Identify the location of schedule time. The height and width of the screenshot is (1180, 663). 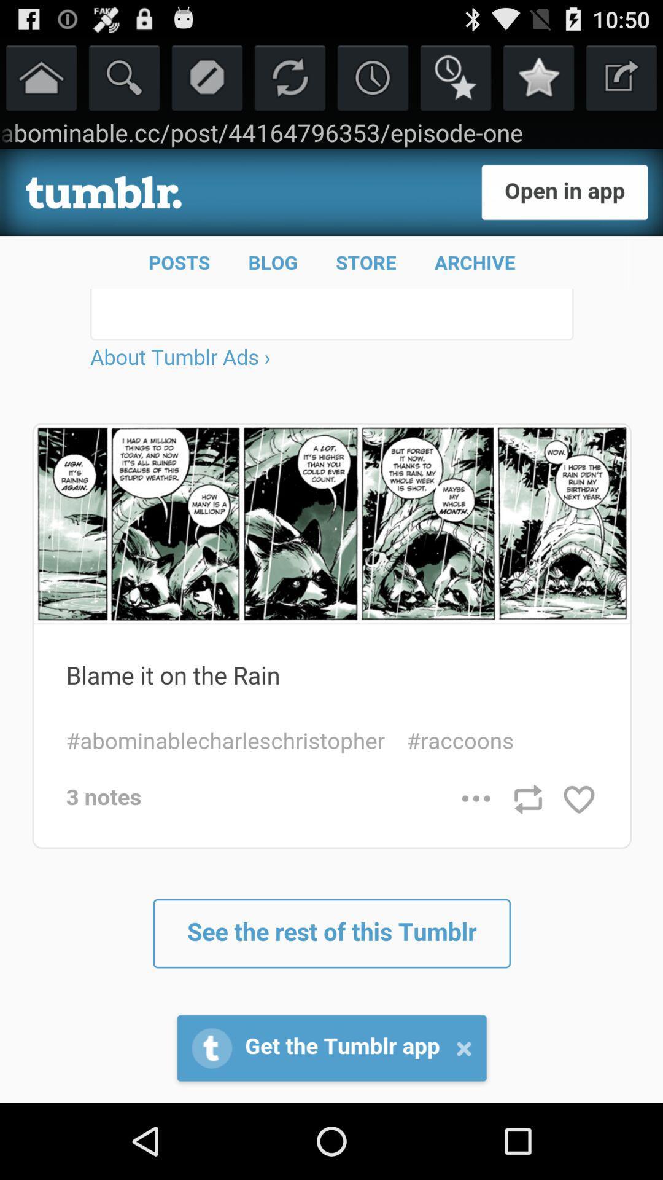
(372, 76).